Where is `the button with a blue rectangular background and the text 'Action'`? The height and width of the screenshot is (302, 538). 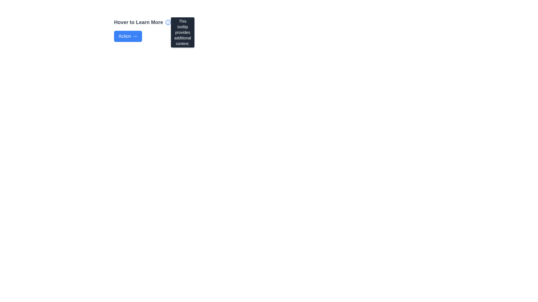 the button with a blue rectangular background and the text 'Action' is located at coordinates (128, 36).